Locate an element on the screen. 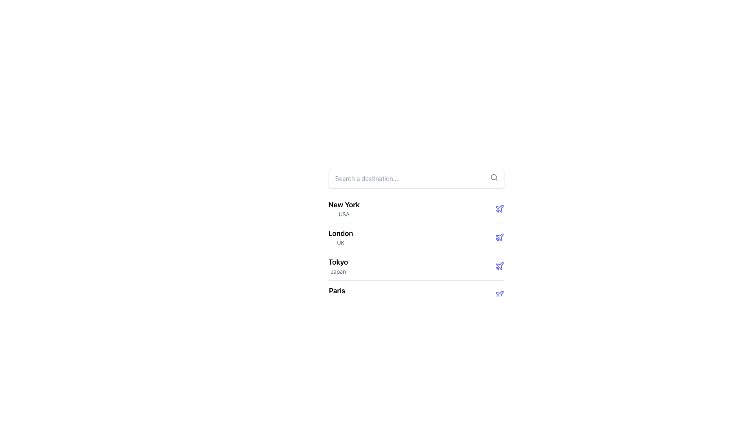 Image resolution: width=753 pixels, height=424 pixels. the third selectable destination option in the list, located between 'London' and 'Paris' is located at coordinates (416, 266).